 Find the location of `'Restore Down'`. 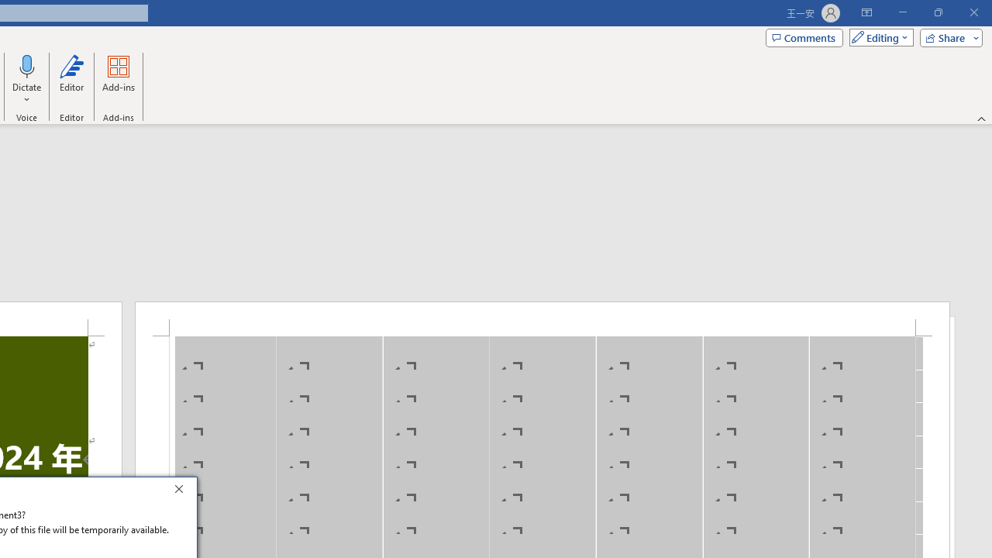

'Restore Down' is located at coordinates (937, 12).